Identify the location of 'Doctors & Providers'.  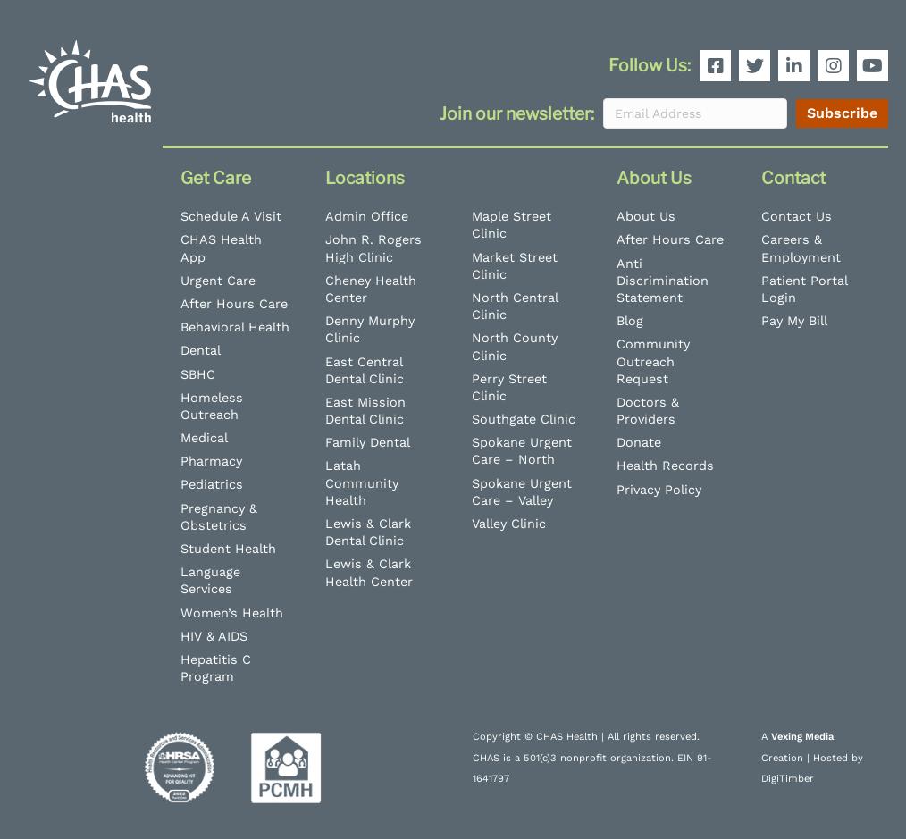
(645, 409).